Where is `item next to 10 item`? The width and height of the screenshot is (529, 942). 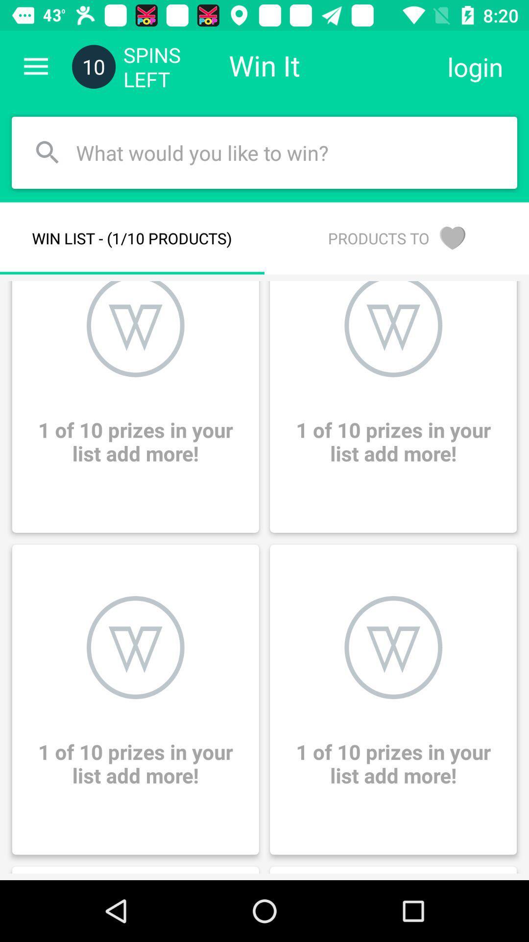 item next to 10 item is located at coordinates (35, 66).